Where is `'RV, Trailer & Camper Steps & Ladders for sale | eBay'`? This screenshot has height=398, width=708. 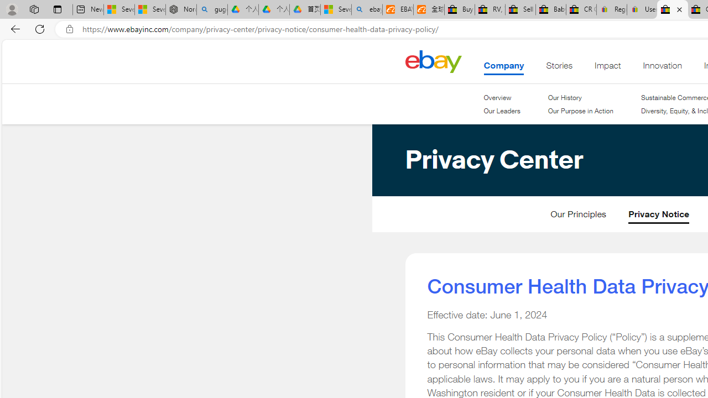 'RV, Trailer & Camper Steps & Ladders for sale | eBay' is located at coordinates (489, 9).